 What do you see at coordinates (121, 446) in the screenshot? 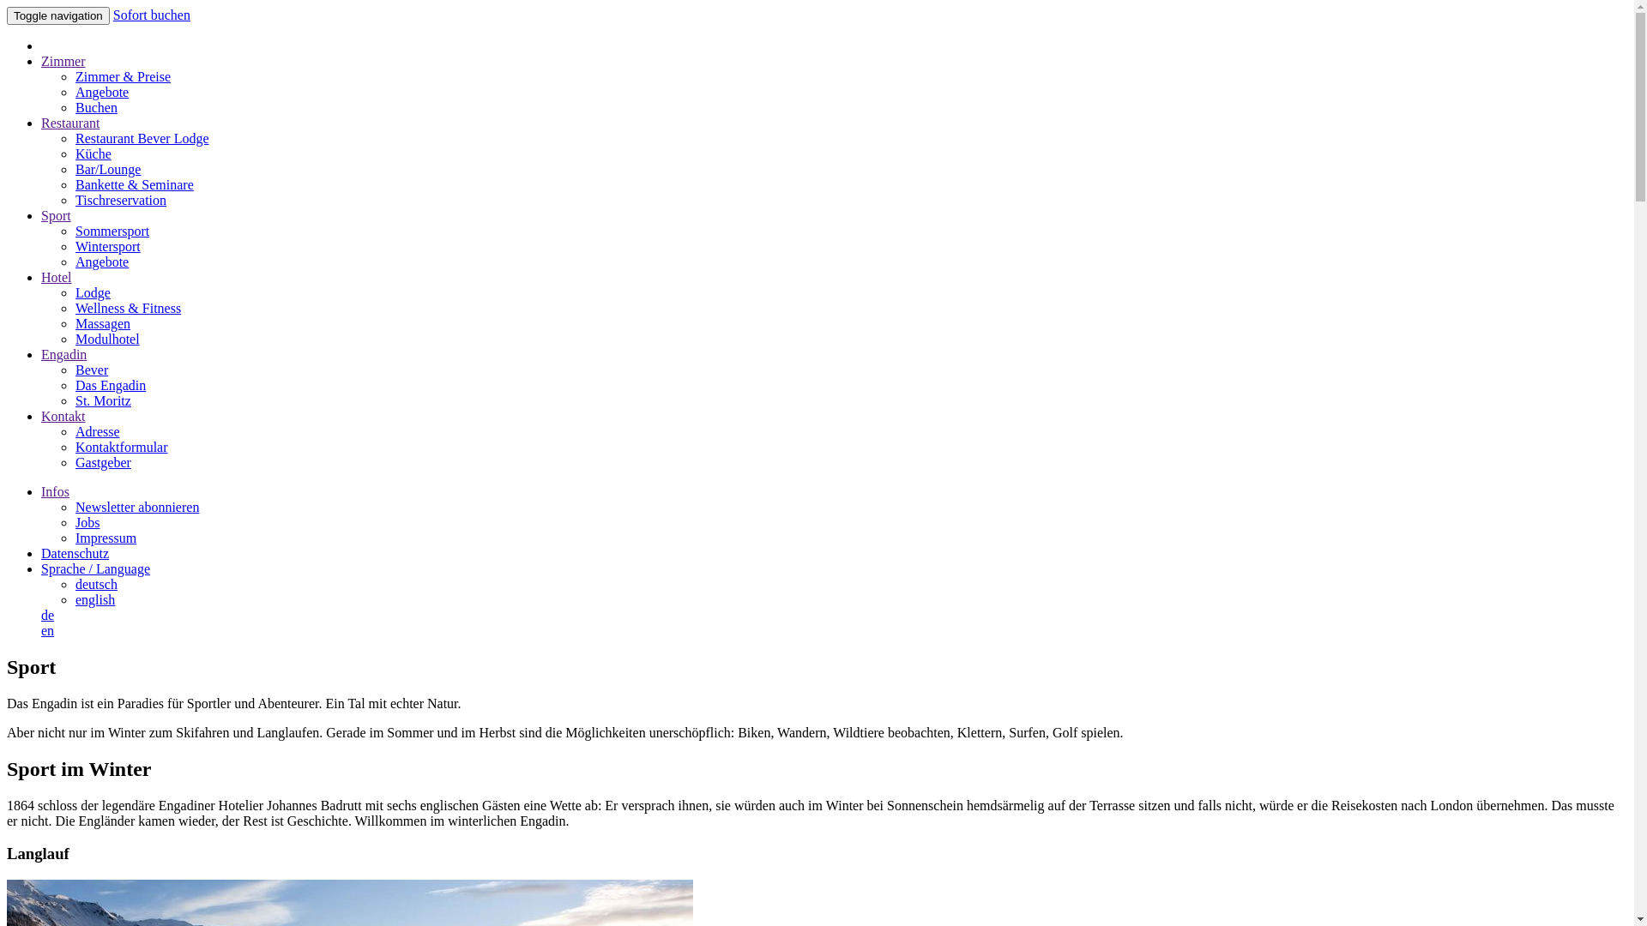
I see `'Kontaktformular'` at bounding box center [121, 446].